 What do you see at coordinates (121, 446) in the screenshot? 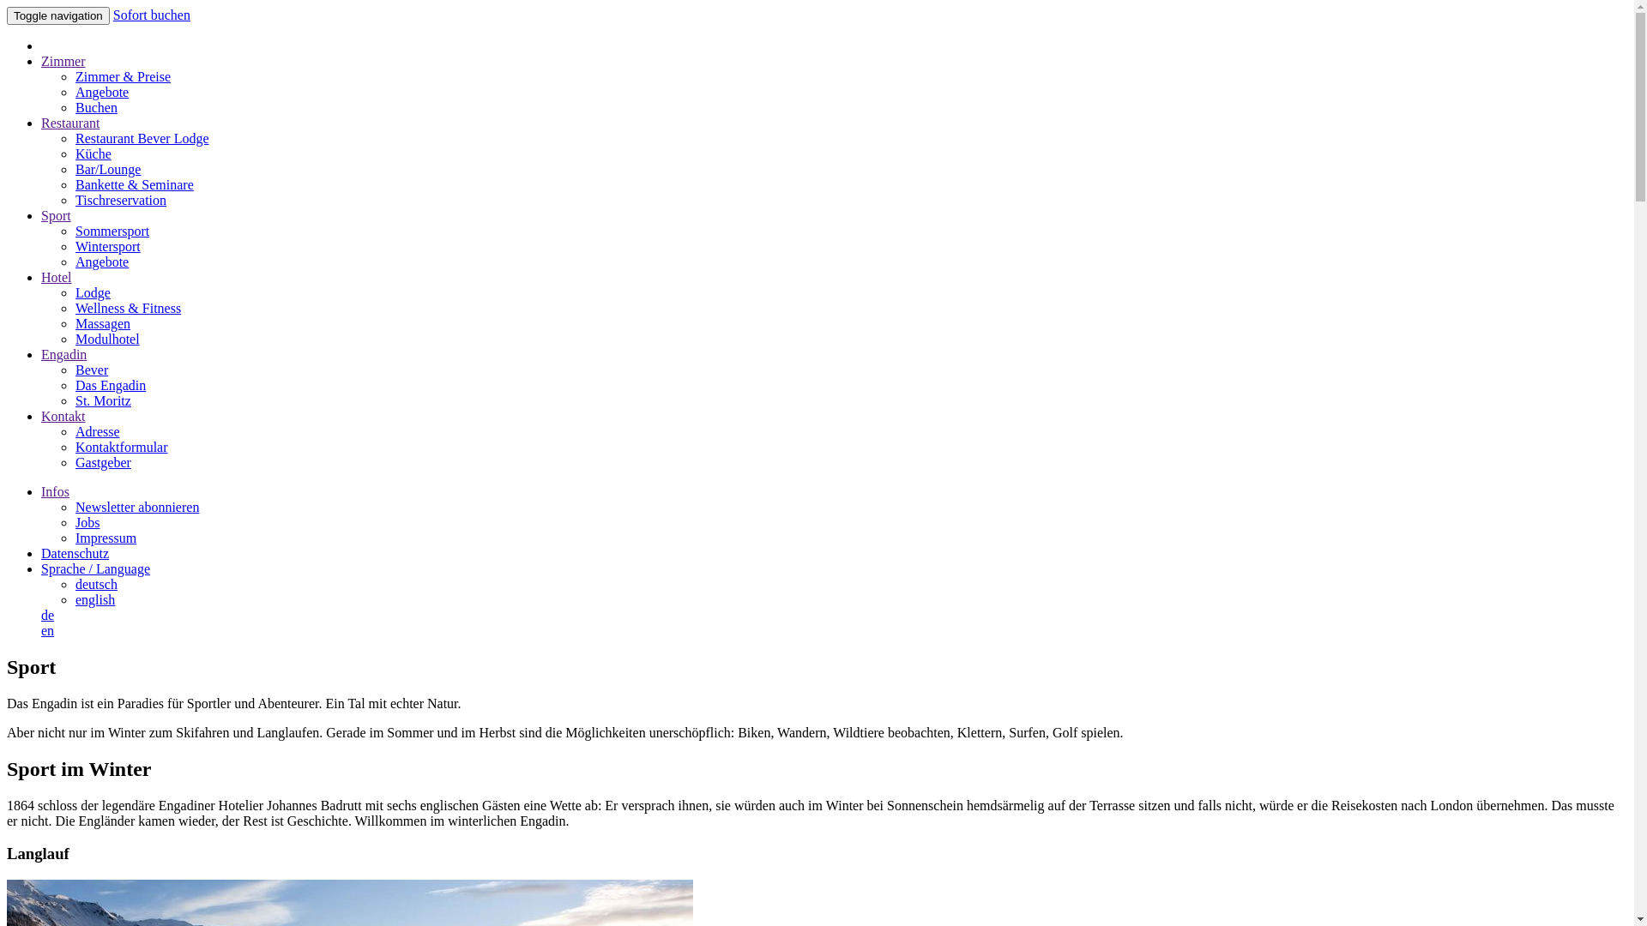
I see `'Kontaktformular'` at bounding box center [121, 446].